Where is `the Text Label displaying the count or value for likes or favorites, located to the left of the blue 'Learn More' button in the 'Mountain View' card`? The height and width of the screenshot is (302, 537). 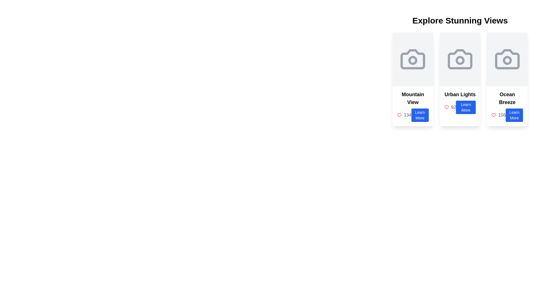
the Text Label displaying the count or value for likes or favorites, located to the left of the blue 'Learn More' button in the 'Mountain View' card is located at coordinates (404, 115).